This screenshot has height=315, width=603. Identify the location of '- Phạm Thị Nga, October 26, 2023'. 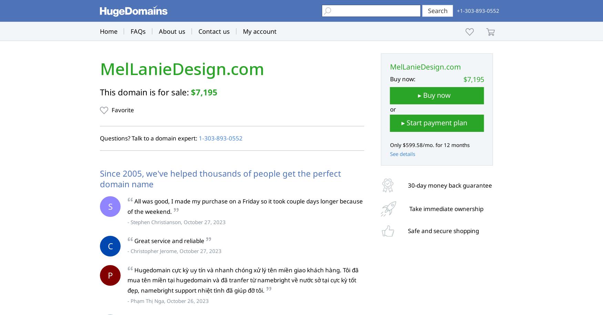
(168, 300).